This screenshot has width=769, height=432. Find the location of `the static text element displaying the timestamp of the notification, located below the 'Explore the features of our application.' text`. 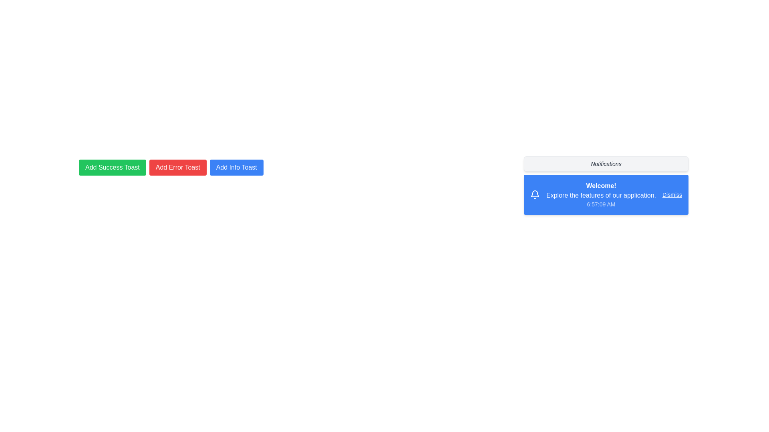

the static text element displaying the timestamp of the notification, located below the 'Explore the features of our application.' text is located at coordinates (601, 204).